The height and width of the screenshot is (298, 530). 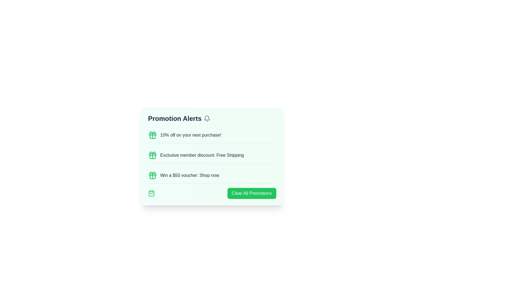 What do you see at coordinates (212, 175) in the screenshot?
I see `the Information Card displaying 'Win a $50 voucher: Shop now' with a green gift box icon, which is the third item in the promotional offers list` at bounding box center [212, 175].